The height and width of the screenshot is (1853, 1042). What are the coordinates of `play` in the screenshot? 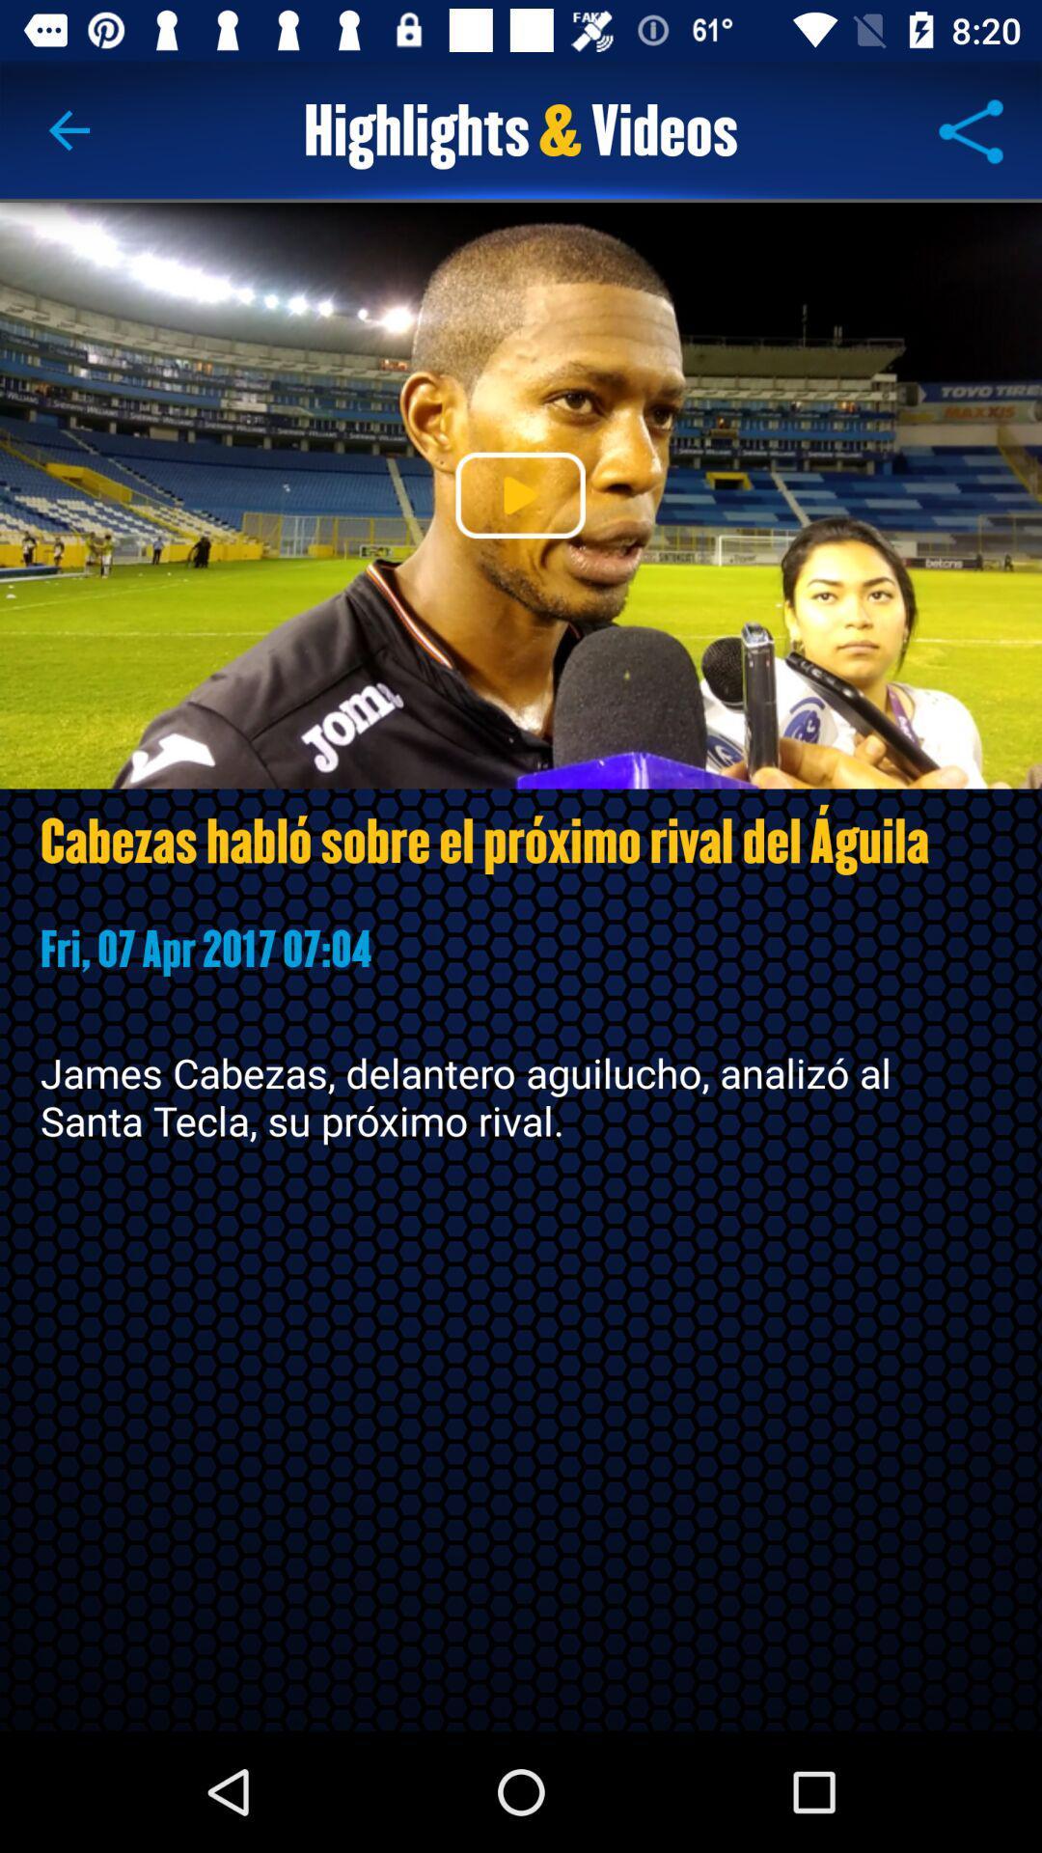 It's located at (519, 495).